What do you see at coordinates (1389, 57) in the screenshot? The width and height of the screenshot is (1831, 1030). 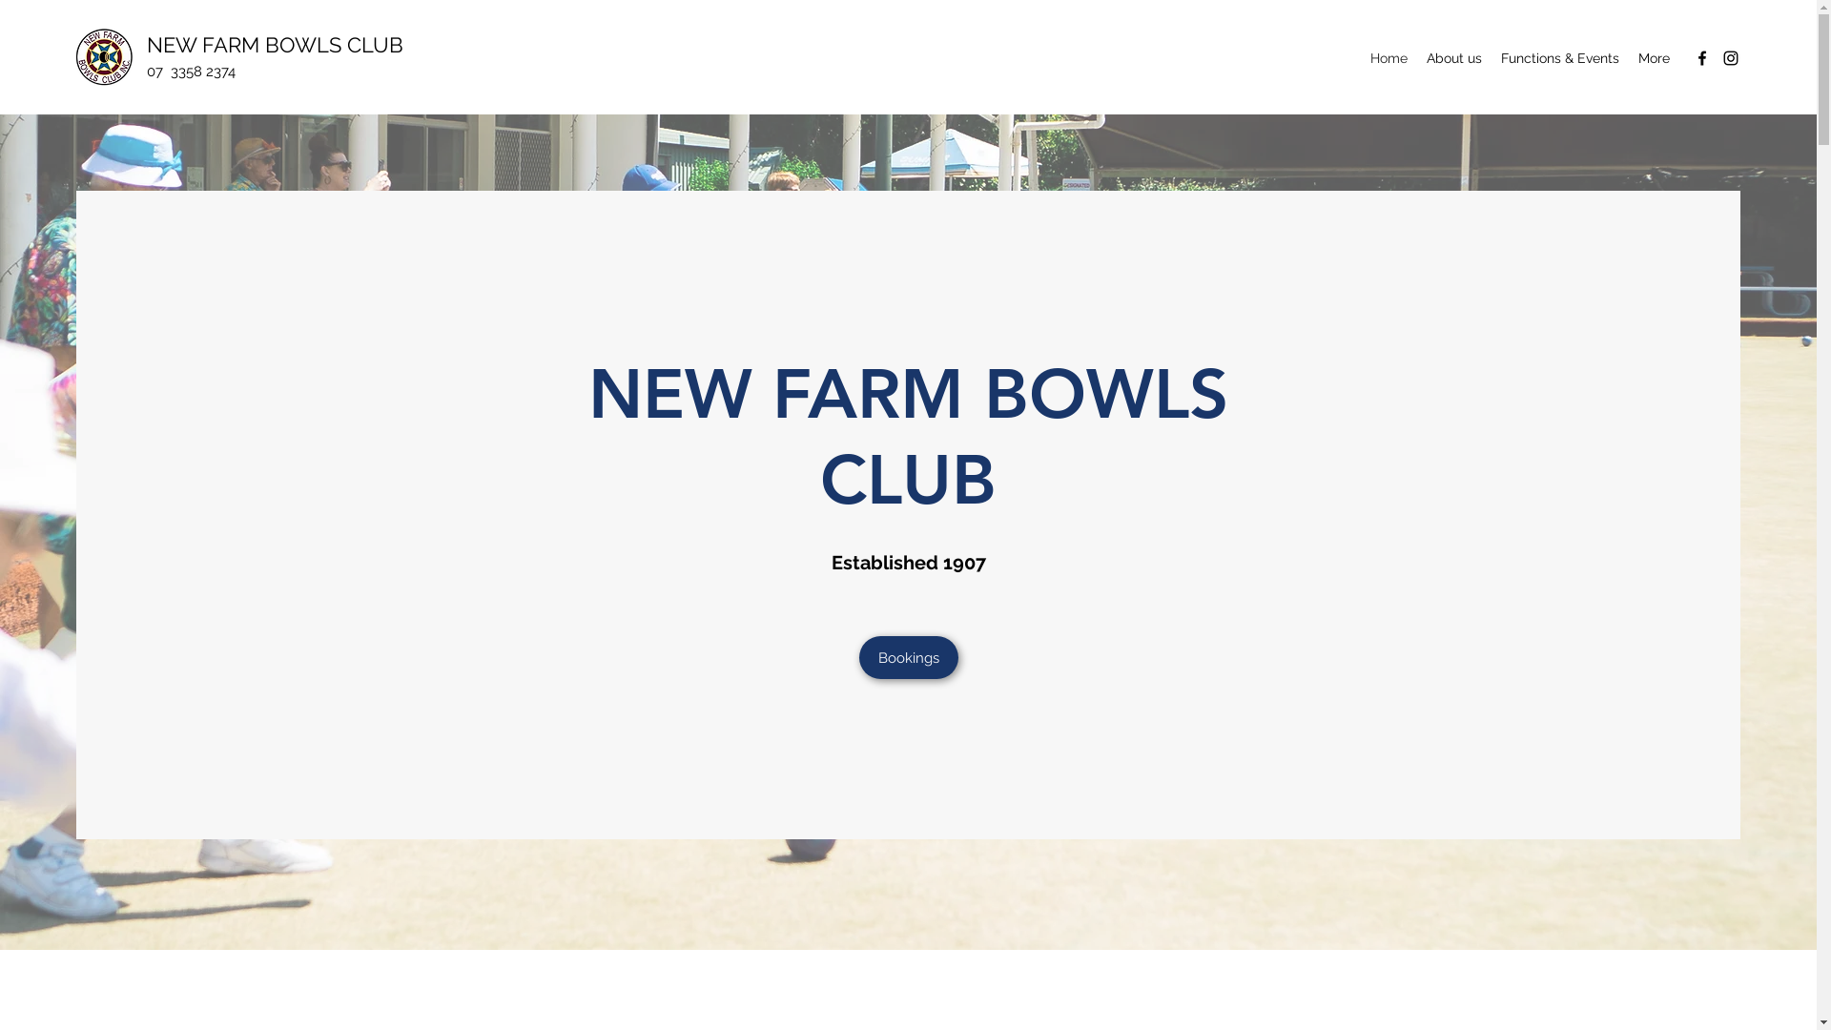 I see `'Home'` at bounding box center [1389, 57].